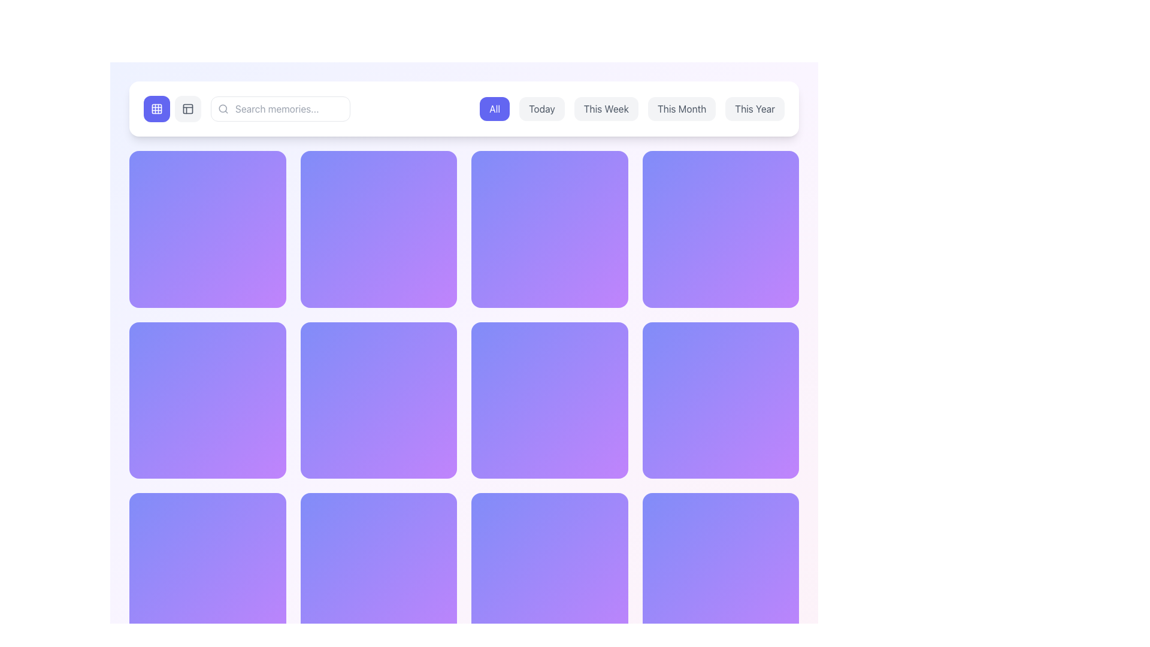 This screenshot has height=647, width=1150. I want to click on the second tile in the second row of the grid layout, so click(378, 400).